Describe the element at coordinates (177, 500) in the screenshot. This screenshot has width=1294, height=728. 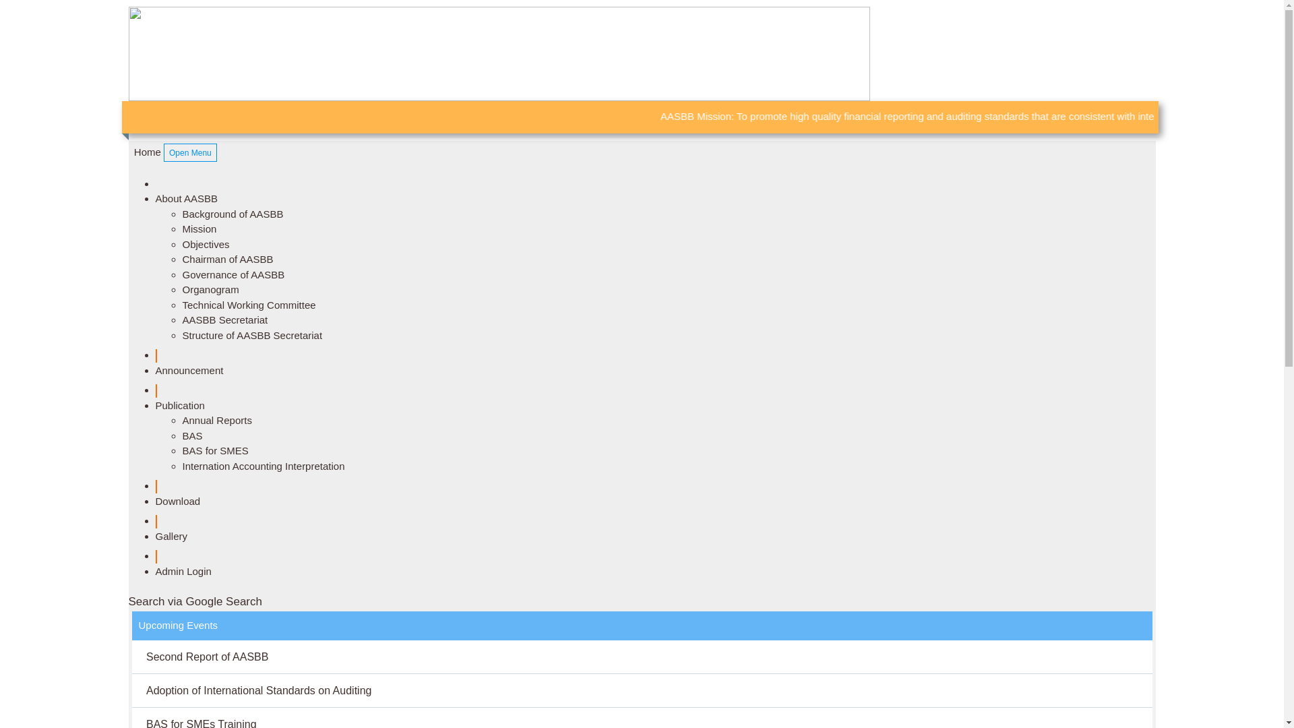
I see `'Download'` at that location.